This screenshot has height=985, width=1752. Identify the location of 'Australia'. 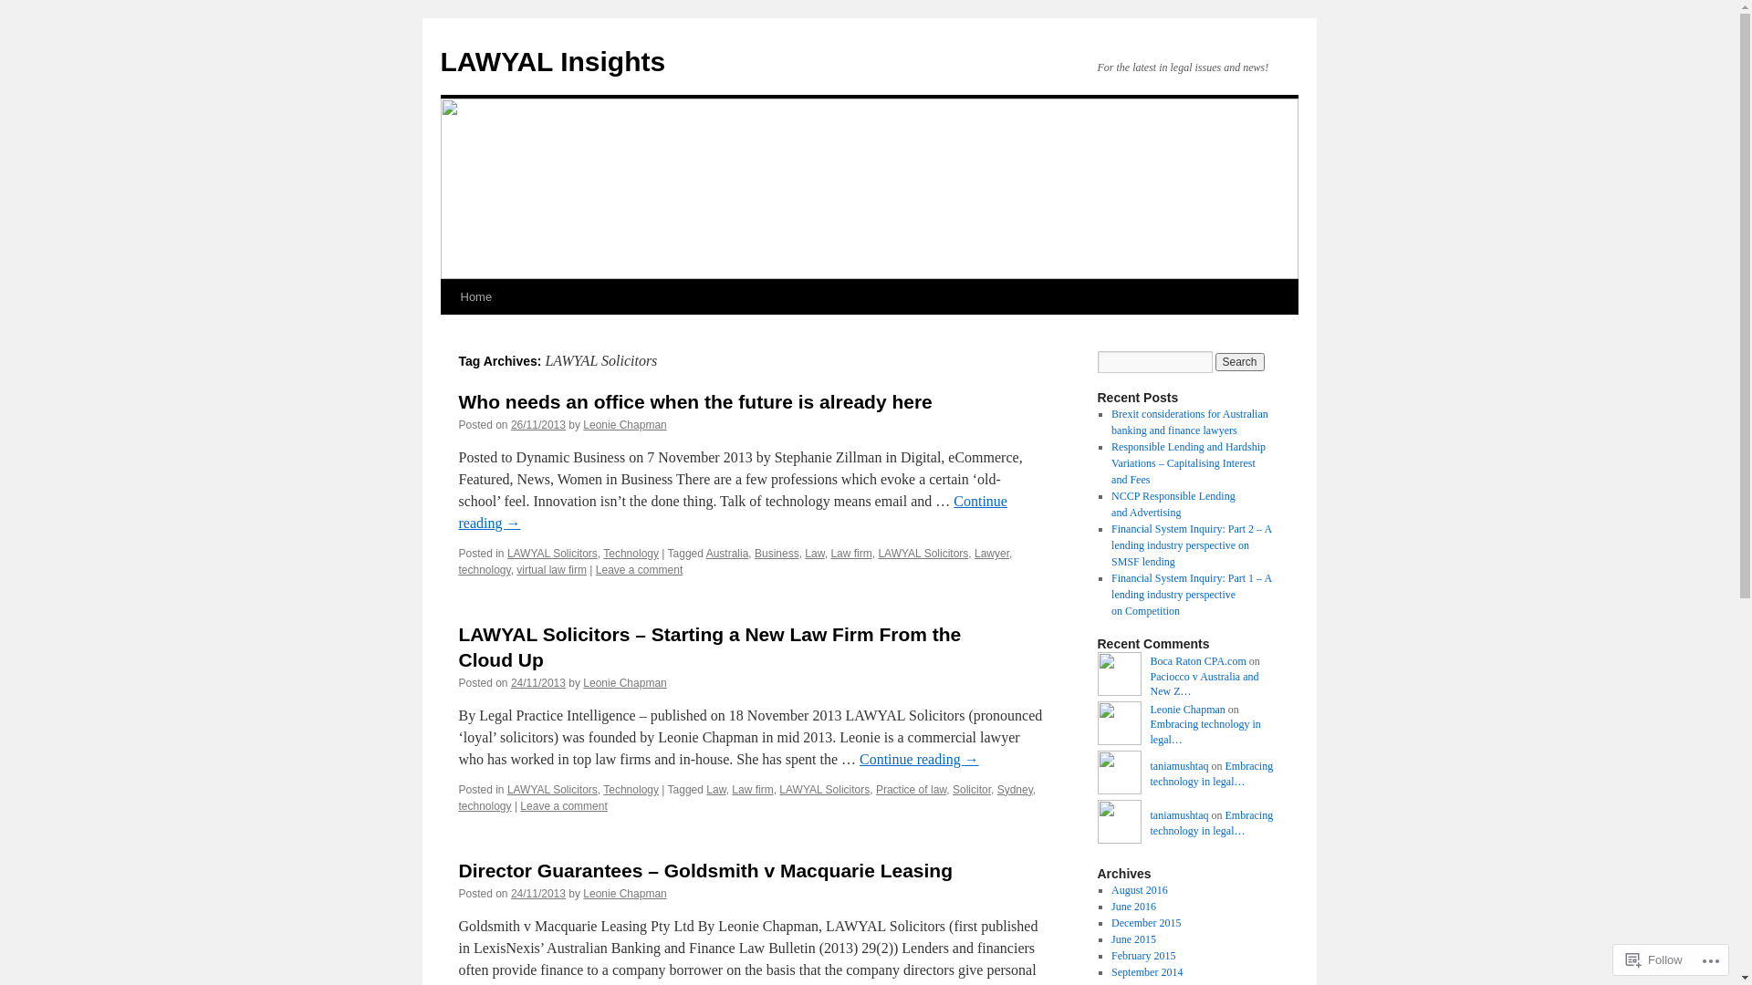
(704, 552).